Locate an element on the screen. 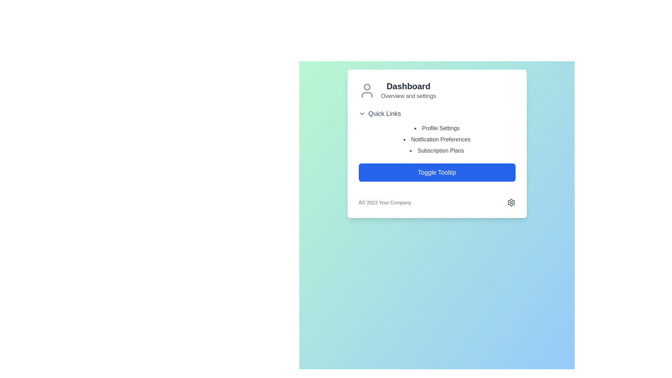  the 'Quick Links' dropdown menu items is located at coordinates (436, 132).